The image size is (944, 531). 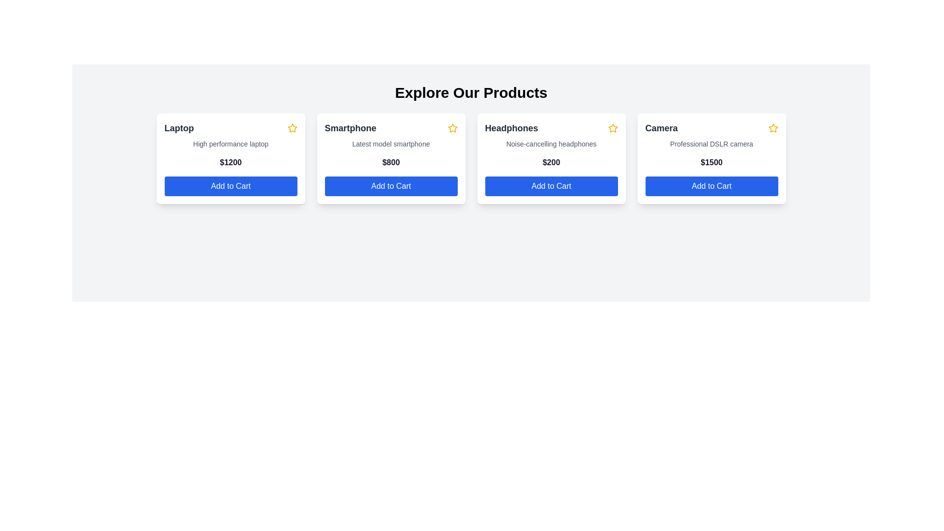 What do you see at coordinates (292, 128) in the screenshot?
I see `the star-shaped icon with a yellow outline located in the top right corner of the 'Laptop' product card to favorite or unfavorite the item` at bounding box center [292, 128].